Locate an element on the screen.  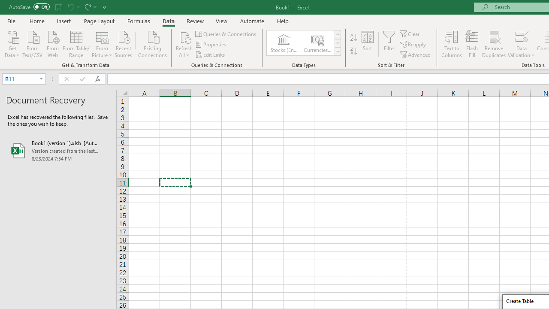
'Existing Connections' is located at coordinates (152, 43).